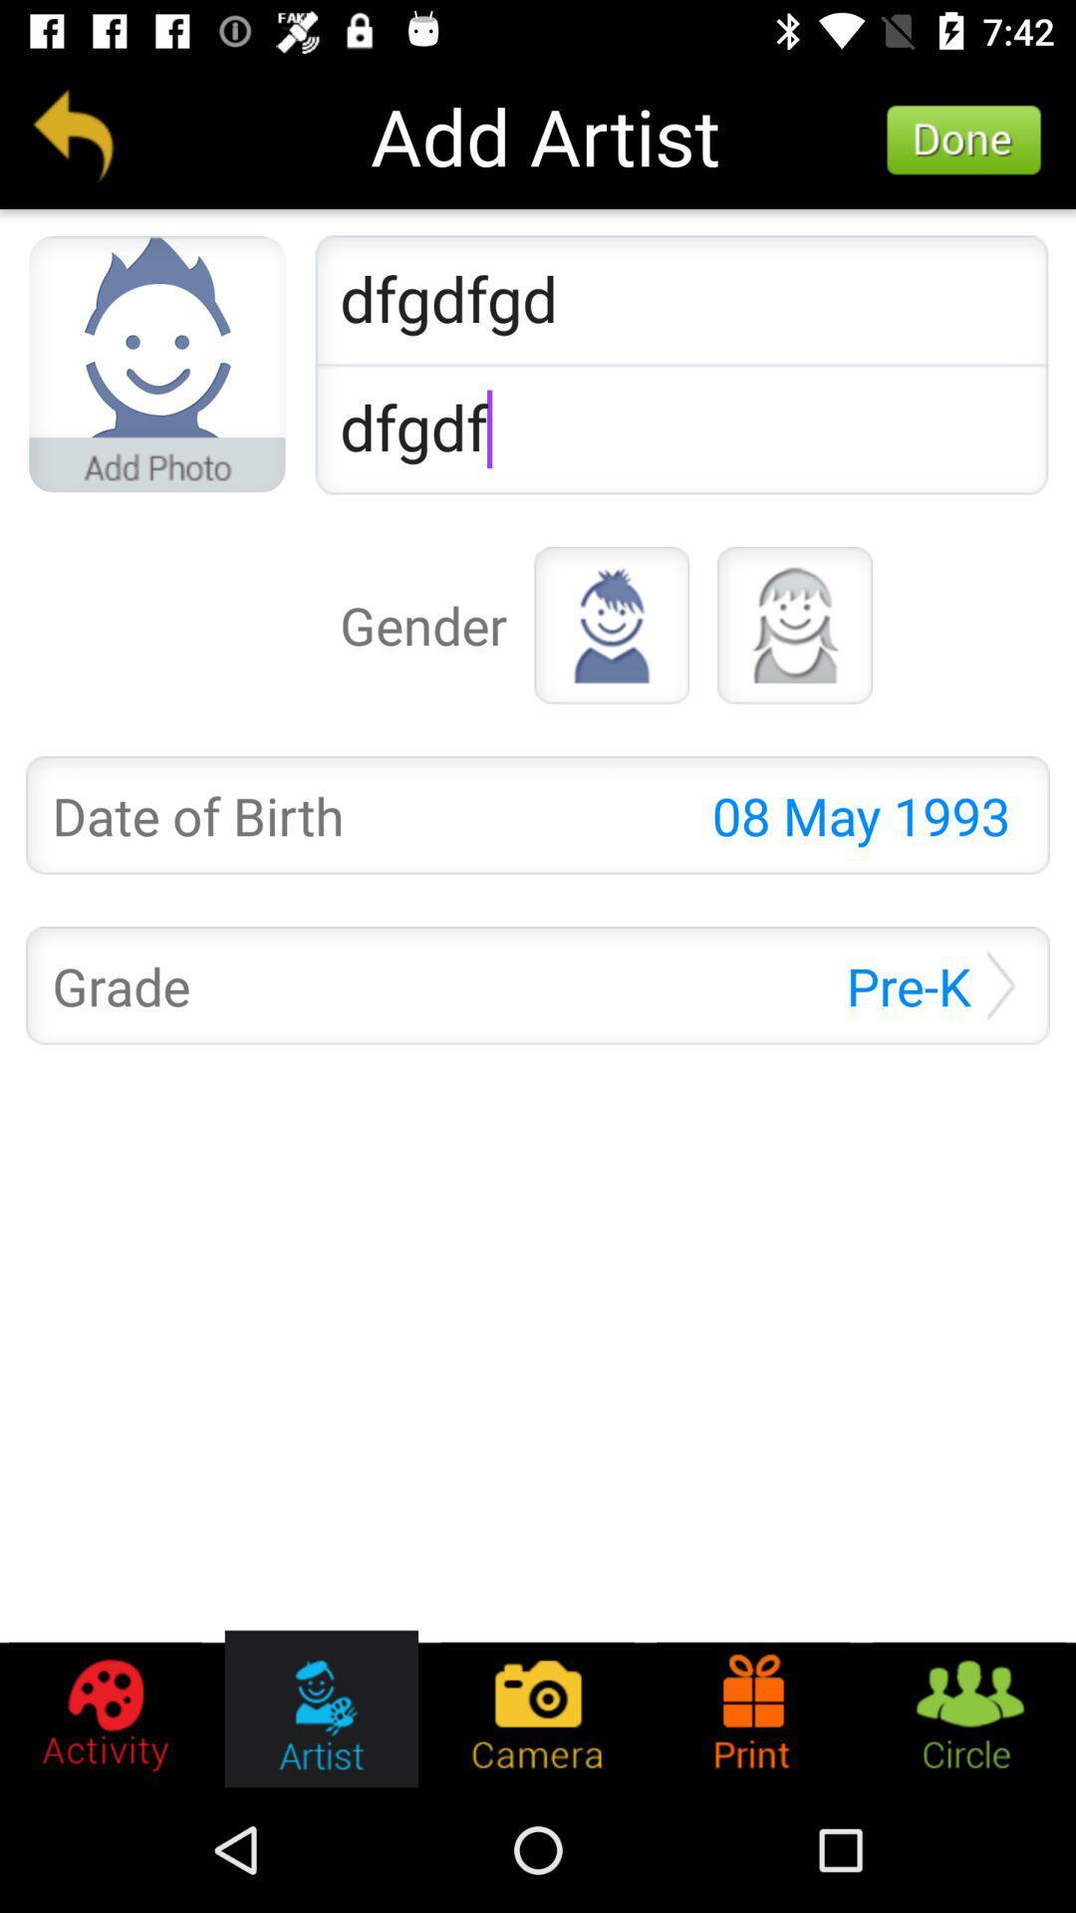  I want to click on the item above the dfgdfgd, so click(963, 139).